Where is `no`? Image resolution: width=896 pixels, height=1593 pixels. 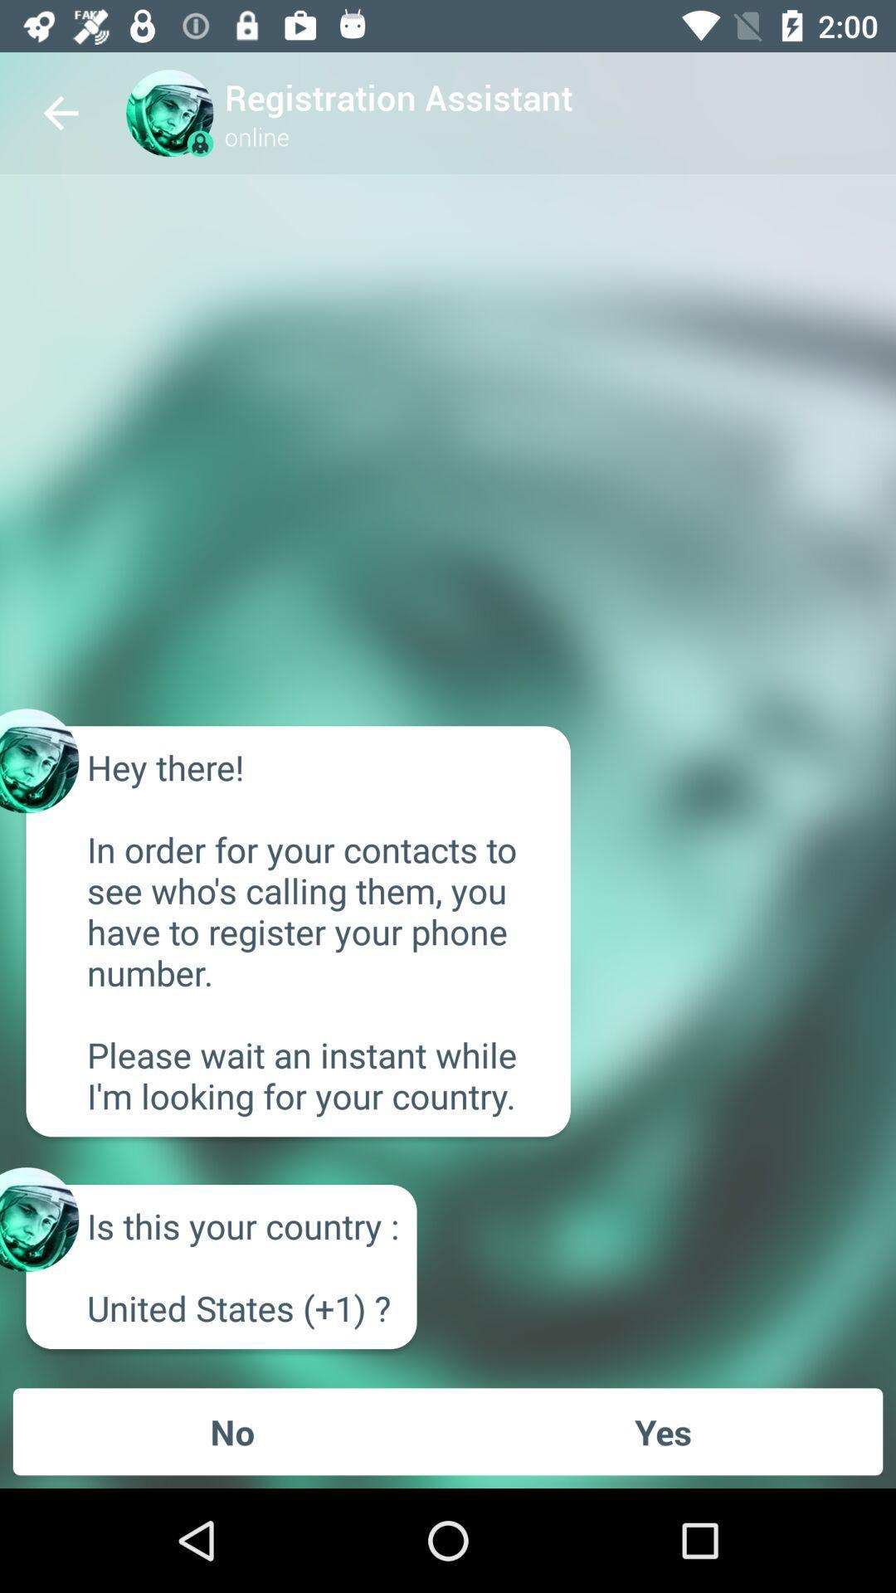
no is located at coordinates (232, 1430).